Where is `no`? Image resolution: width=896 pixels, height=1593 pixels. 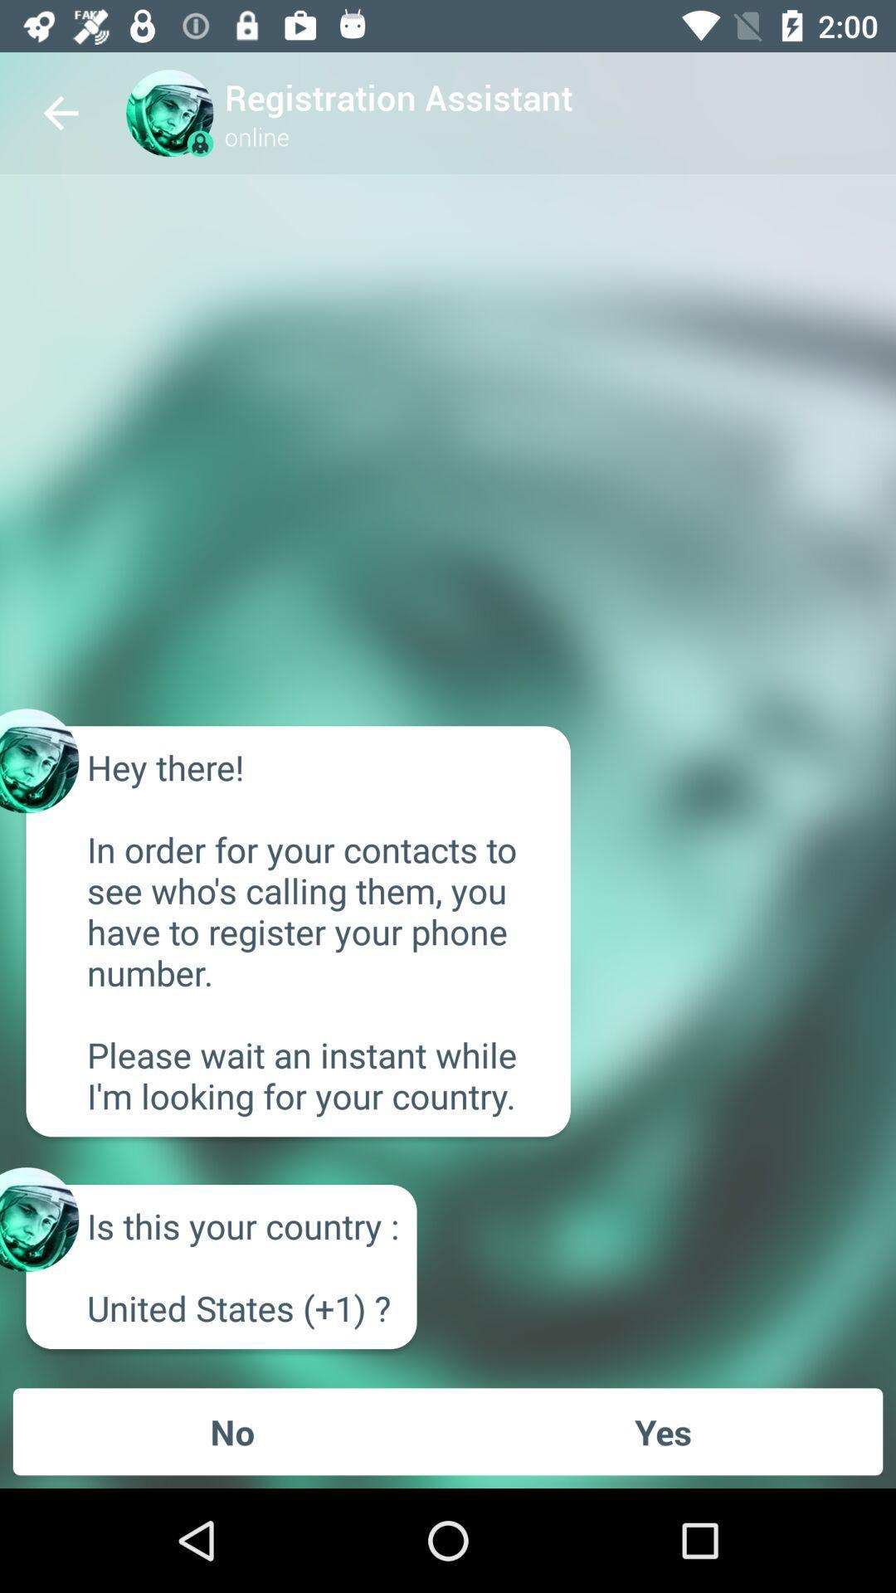
no is located at coordinates (232, 1430).